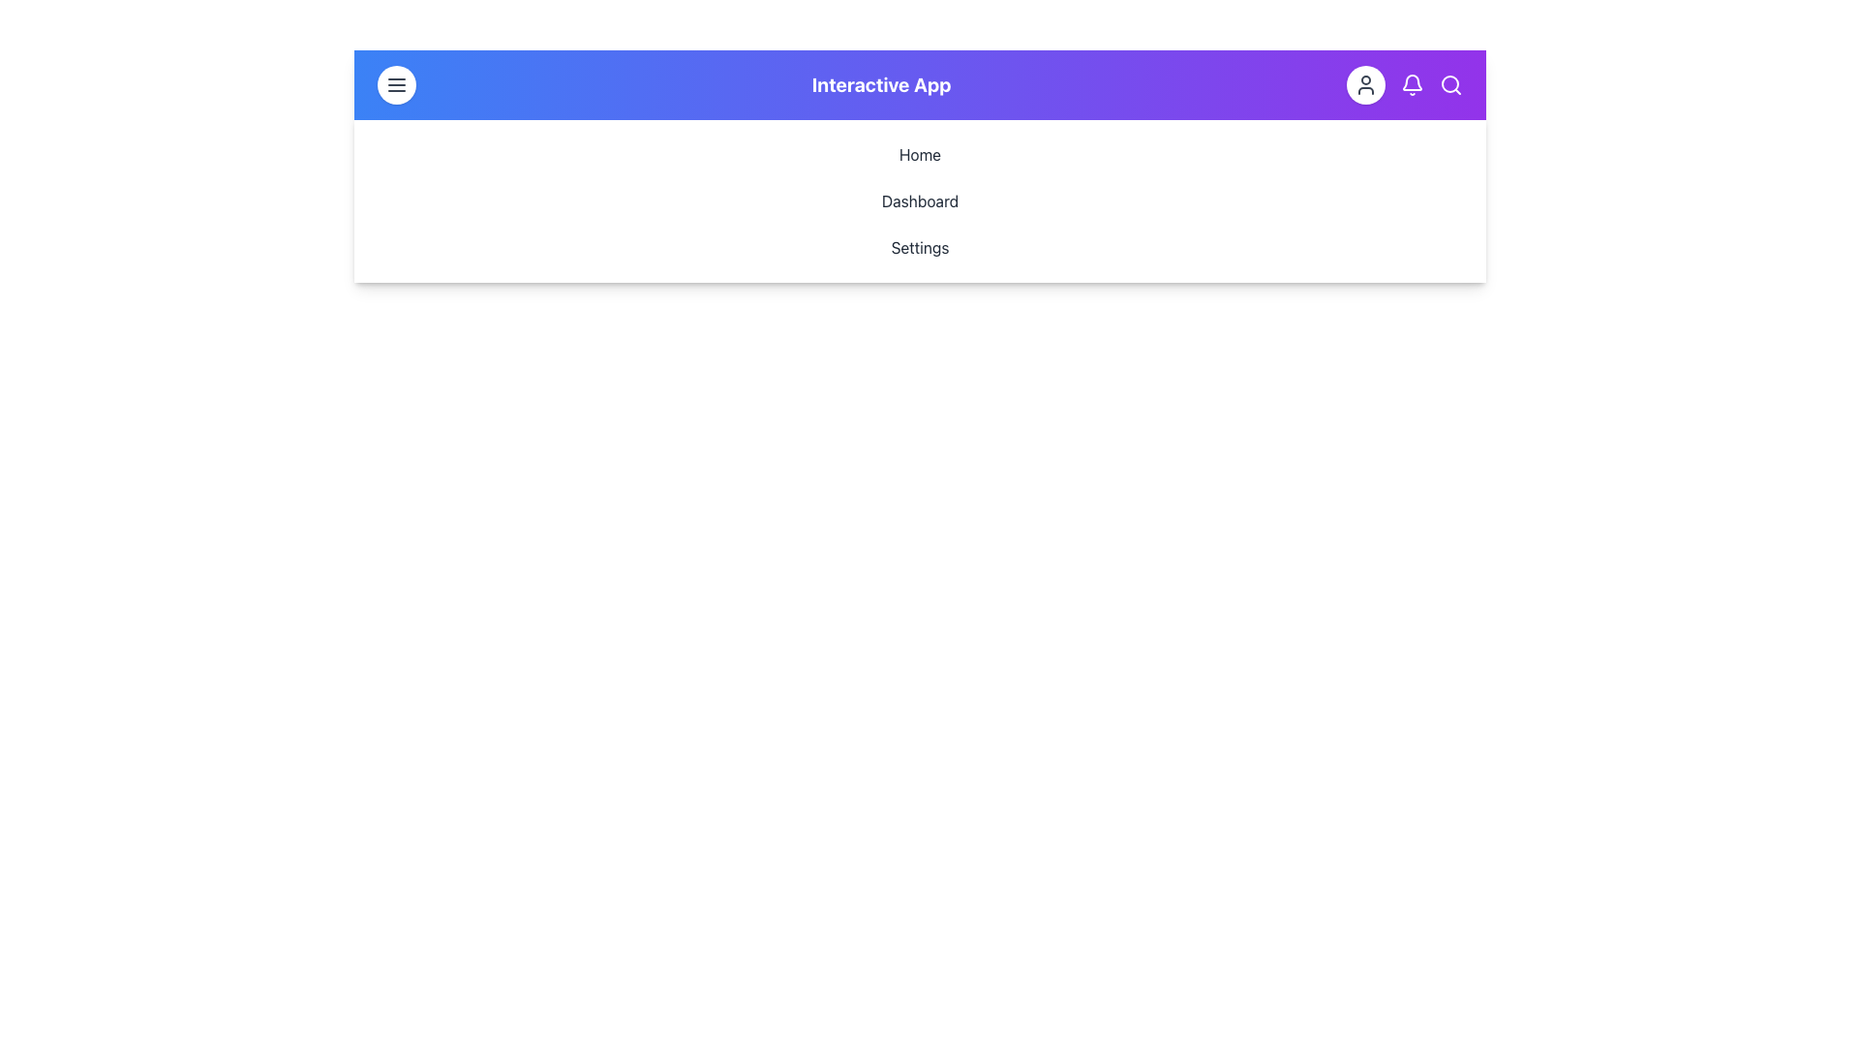 Image resolution: width=1859 pixels, height=1046 pixels. Describe the element at coordinates (1450, 84) in the screenshot. I see `the search icon located on the far right of the navigation bar to initiate a search` at that location.